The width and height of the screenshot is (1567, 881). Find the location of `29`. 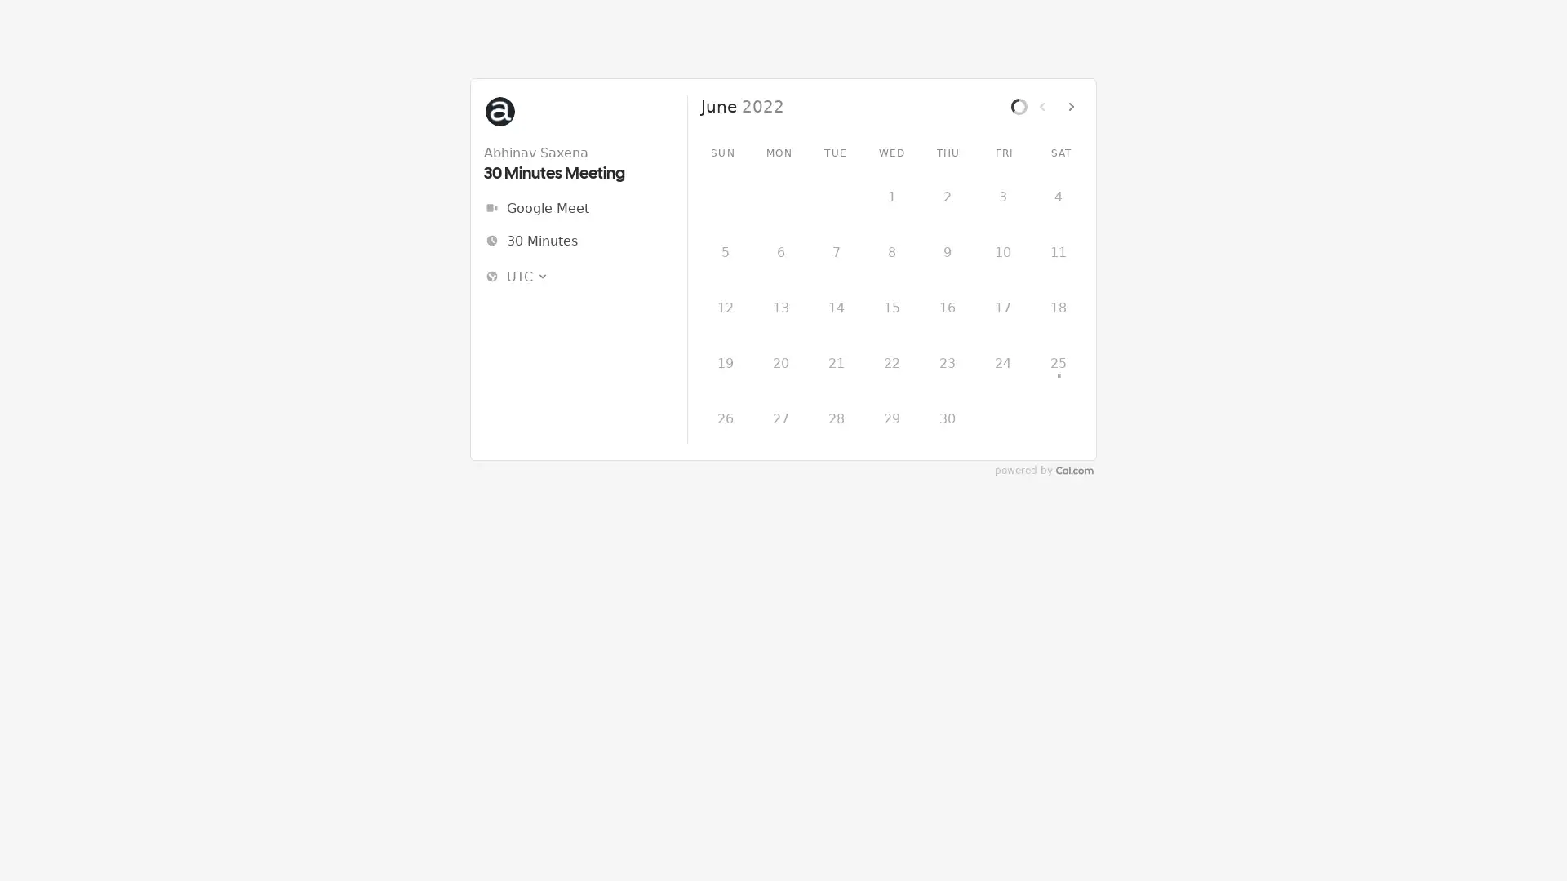

29 is located at coordinates (891, 418).